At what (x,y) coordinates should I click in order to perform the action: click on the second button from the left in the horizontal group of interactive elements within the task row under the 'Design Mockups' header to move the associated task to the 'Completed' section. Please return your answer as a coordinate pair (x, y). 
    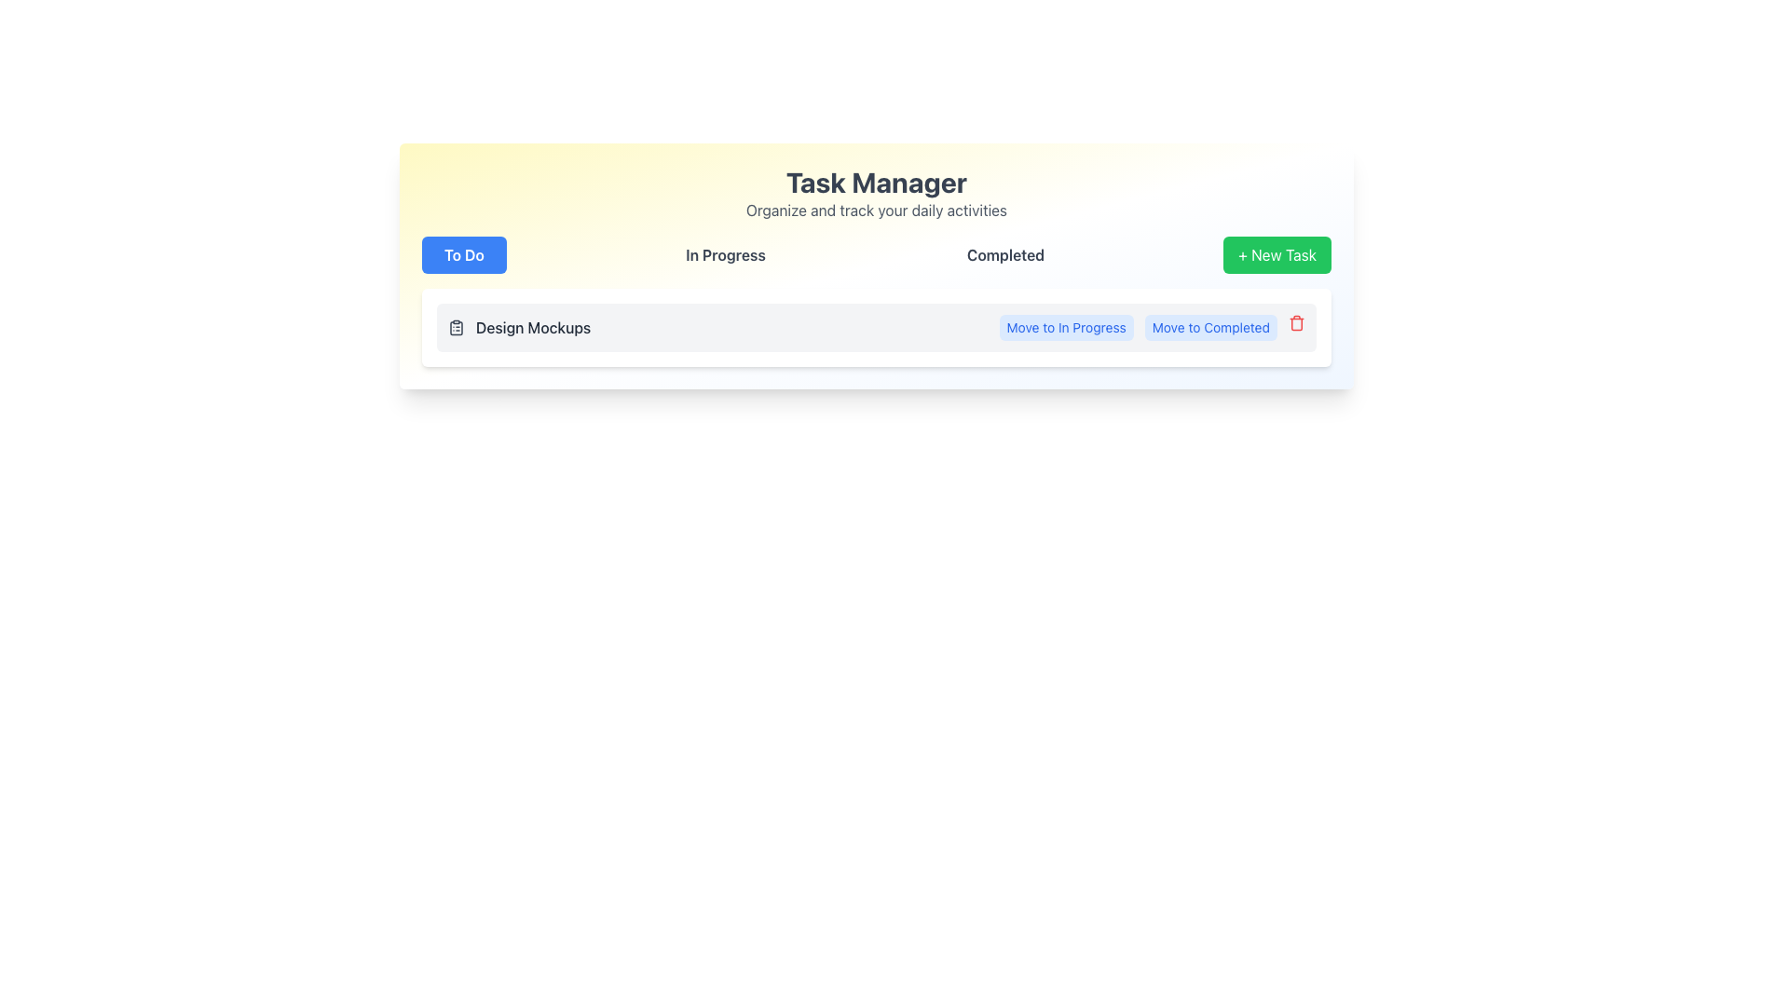
    Looking at the image, I should click on (1210, 326).